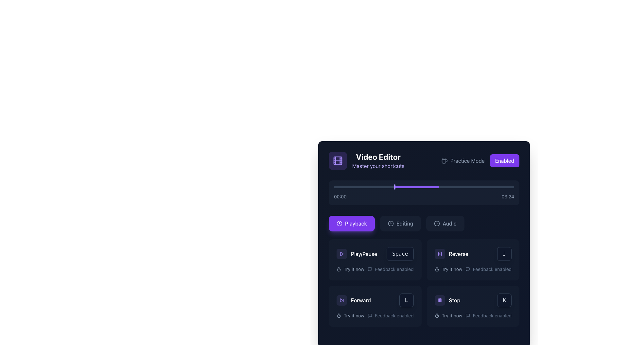 This screenshot has height=353, width=628. I want to click on the 'Try it now' text label with stopwatch icon located in the bottom section of the 'Reverse' box, so click(448, 269).